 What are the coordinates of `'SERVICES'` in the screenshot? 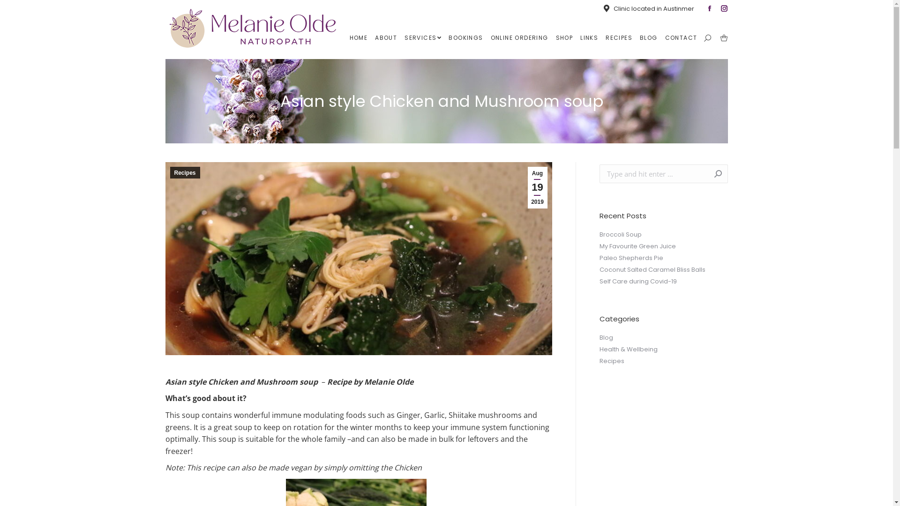 It's located at (422, 37).